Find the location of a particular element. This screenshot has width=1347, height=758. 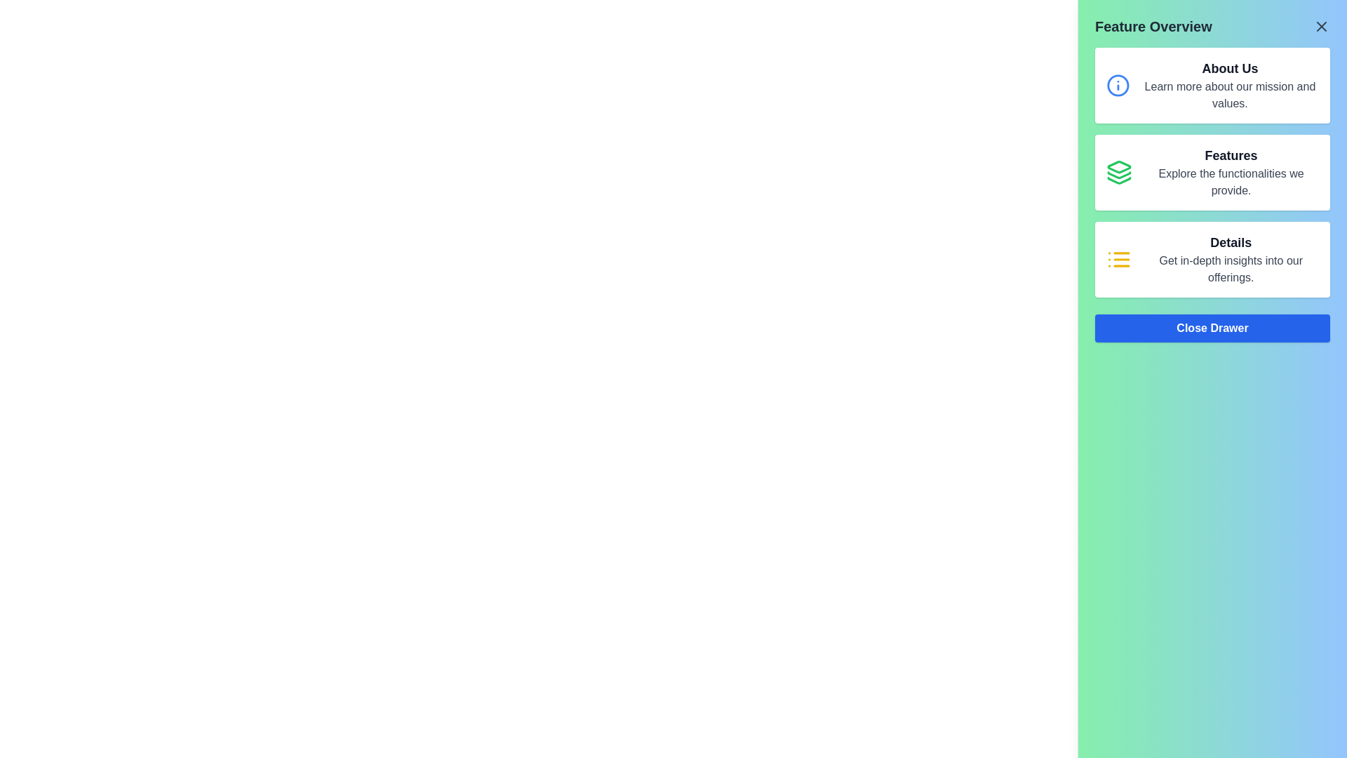

the close button located at the bottom of the 'Feature Overview' panel is located at coordinates (1212, 328).